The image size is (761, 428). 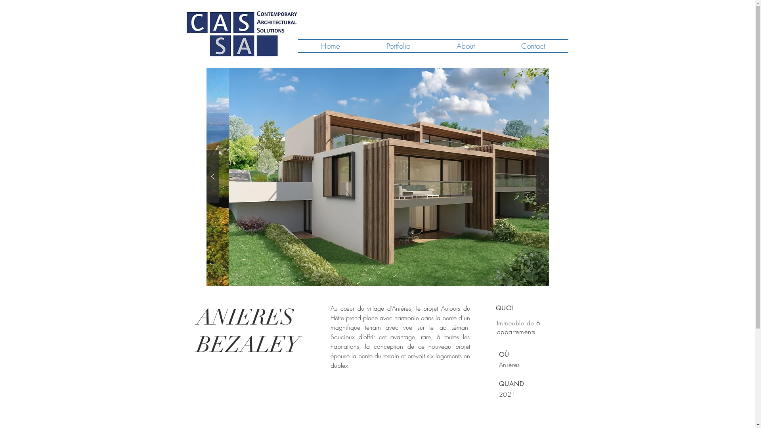 What do you see at coordinates (331, 46) in the screenshot?
I see `'Home'` at bounding box center [331, 46].